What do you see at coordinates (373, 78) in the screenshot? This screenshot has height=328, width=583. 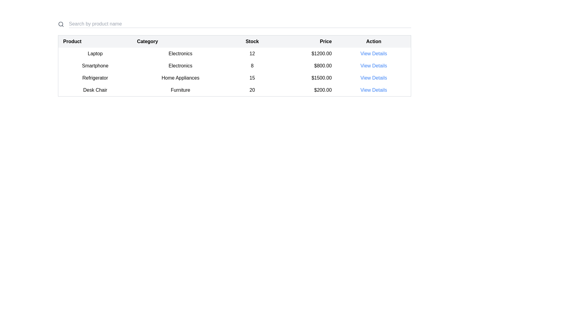 I see `the hyperlink in the 'Action' column of the third row` at bounding box center [373, 78].